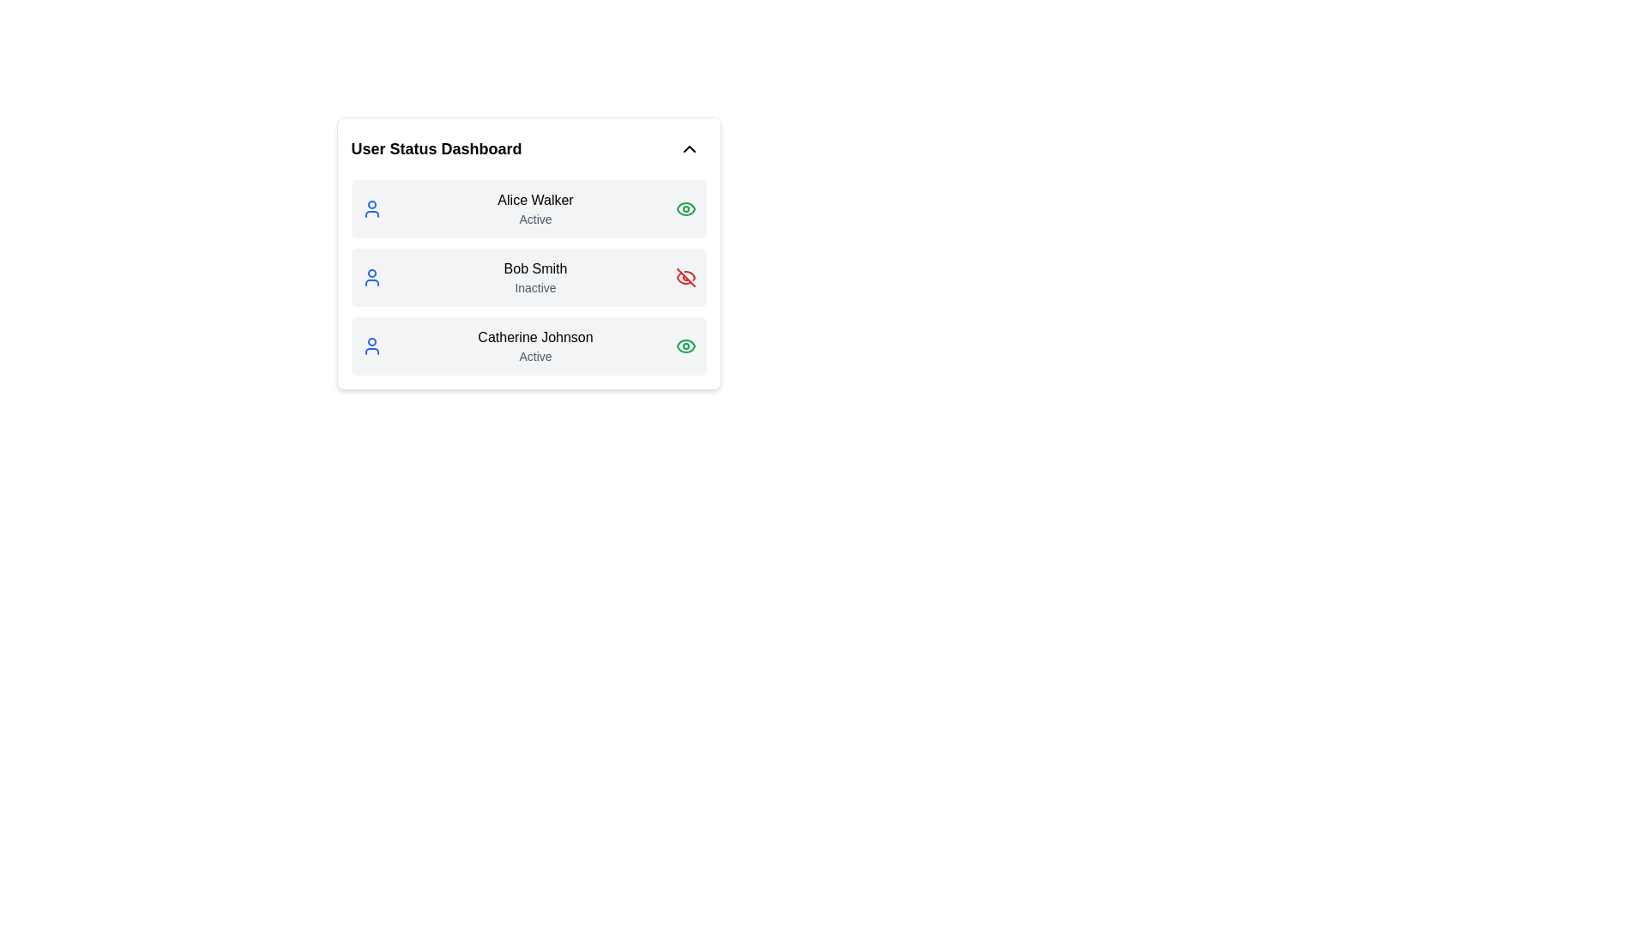 The height and width of the screenshot is (926, 1647). Describe the element at coordinates (528, 277) in the screenshot. I see `the ListItem representing user 'Bob Smith' with status 'Inactive' located in the 'User Status Dashboard', which is the second entry in the list` at that location.